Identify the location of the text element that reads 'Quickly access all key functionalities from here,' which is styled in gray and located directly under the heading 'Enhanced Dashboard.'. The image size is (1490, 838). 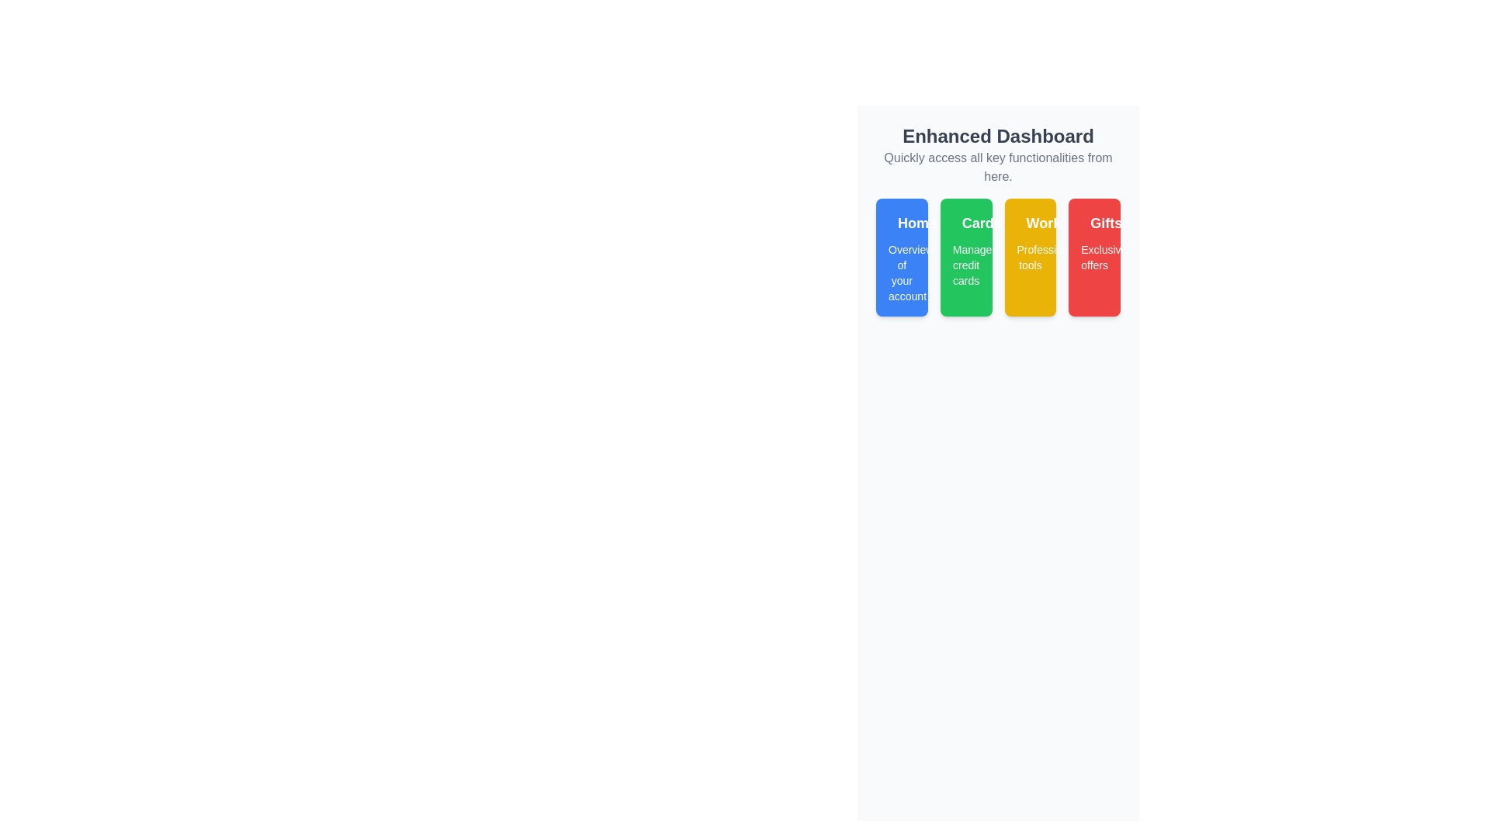
(998, 168).